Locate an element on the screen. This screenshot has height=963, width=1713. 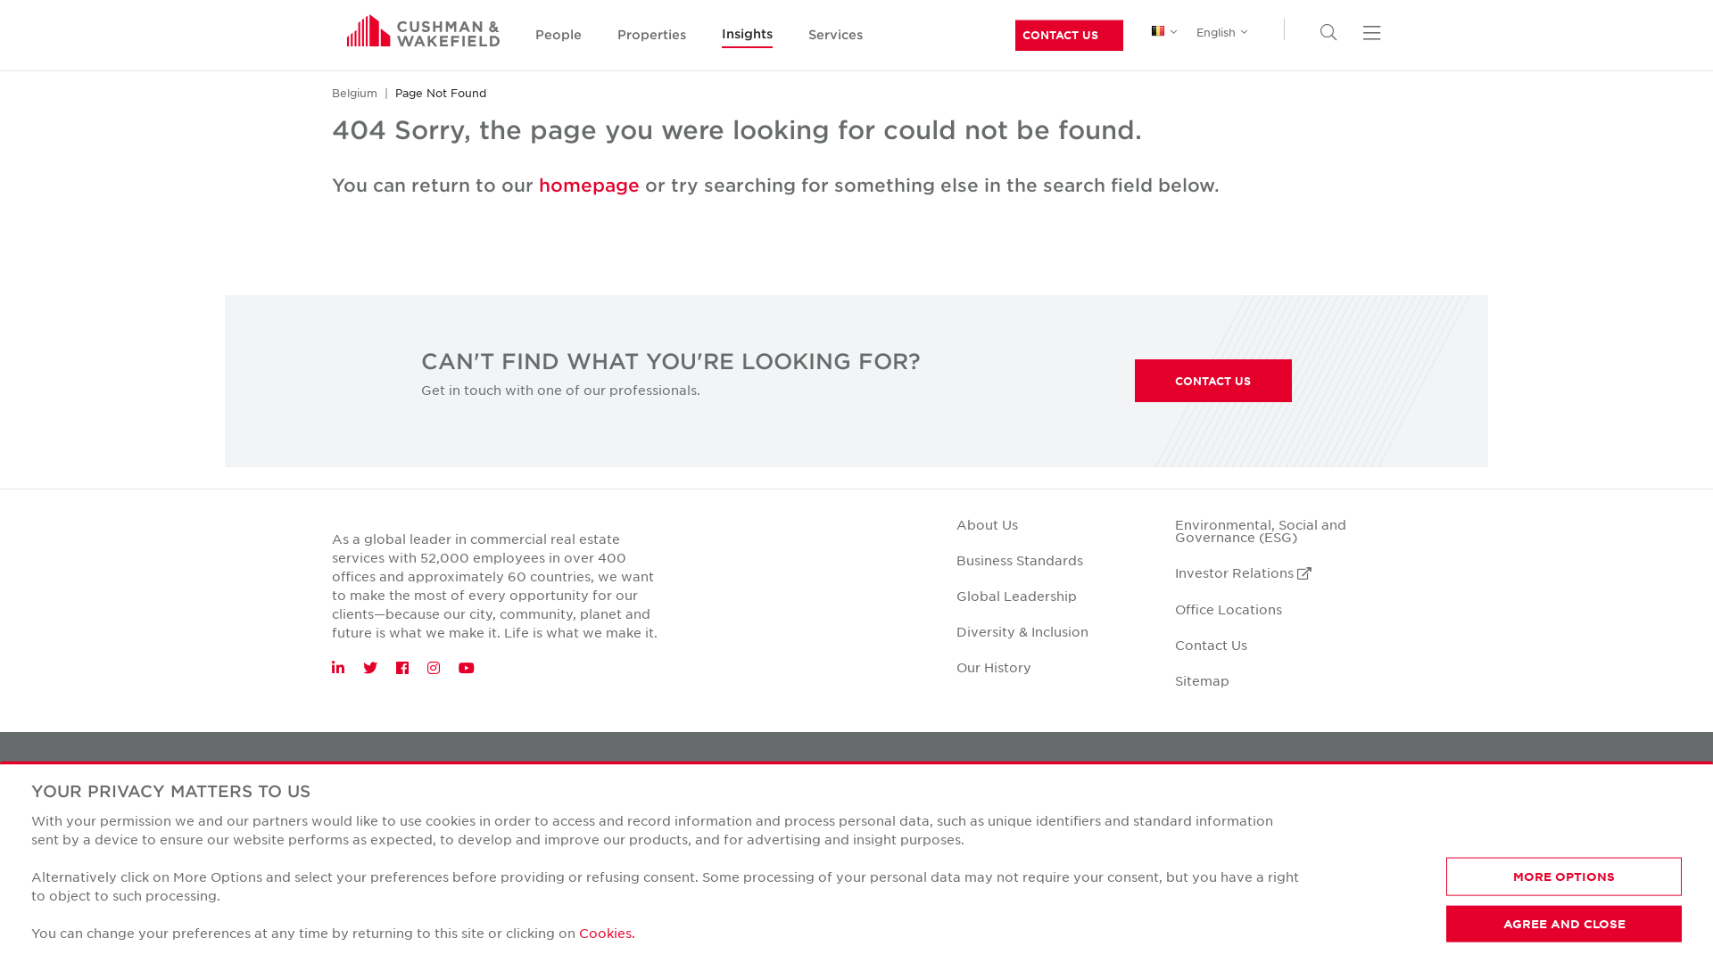
'Properties' is located at coordinates (650, 36).